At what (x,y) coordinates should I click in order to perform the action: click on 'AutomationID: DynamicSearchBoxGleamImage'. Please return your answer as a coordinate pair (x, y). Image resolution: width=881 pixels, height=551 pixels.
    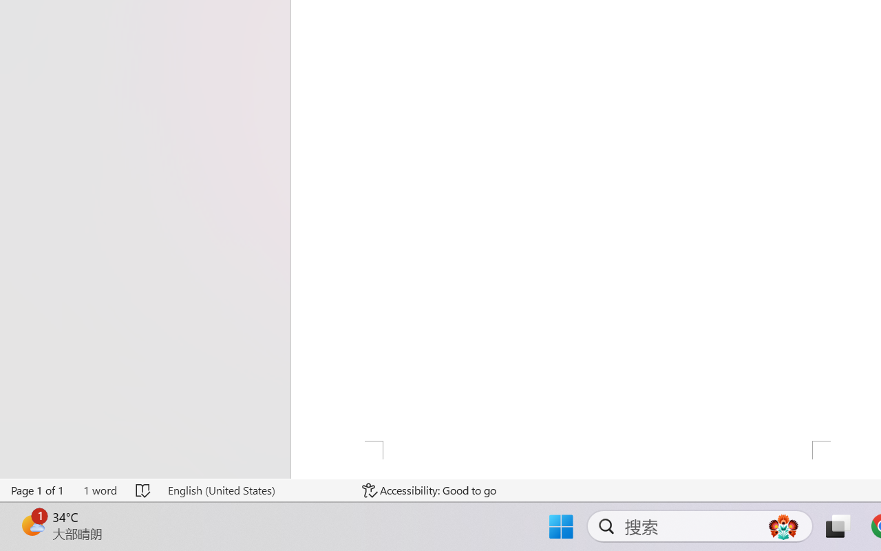
    Looking at the image, I should click on (783, 526).